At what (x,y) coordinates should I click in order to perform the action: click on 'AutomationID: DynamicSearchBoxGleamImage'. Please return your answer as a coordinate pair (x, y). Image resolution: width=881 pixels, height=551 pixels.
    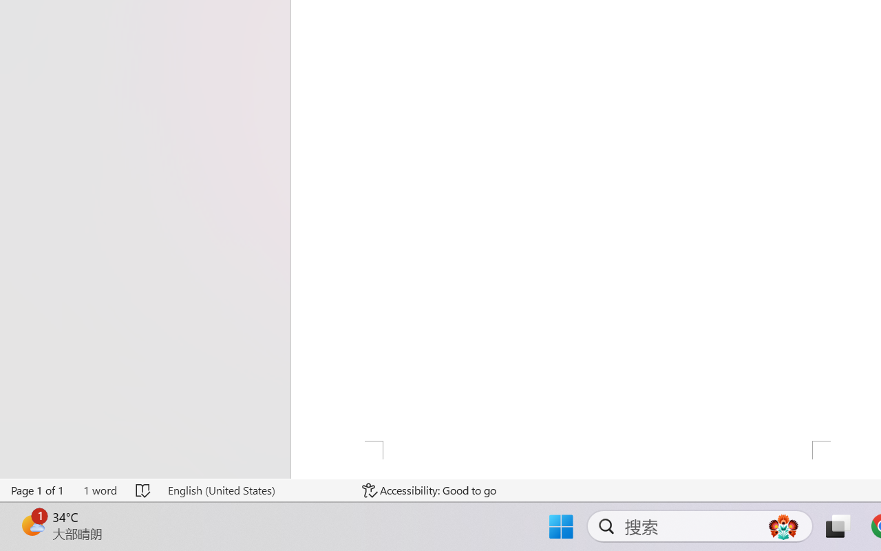
    Looking at the image, I should click on (783, 526).